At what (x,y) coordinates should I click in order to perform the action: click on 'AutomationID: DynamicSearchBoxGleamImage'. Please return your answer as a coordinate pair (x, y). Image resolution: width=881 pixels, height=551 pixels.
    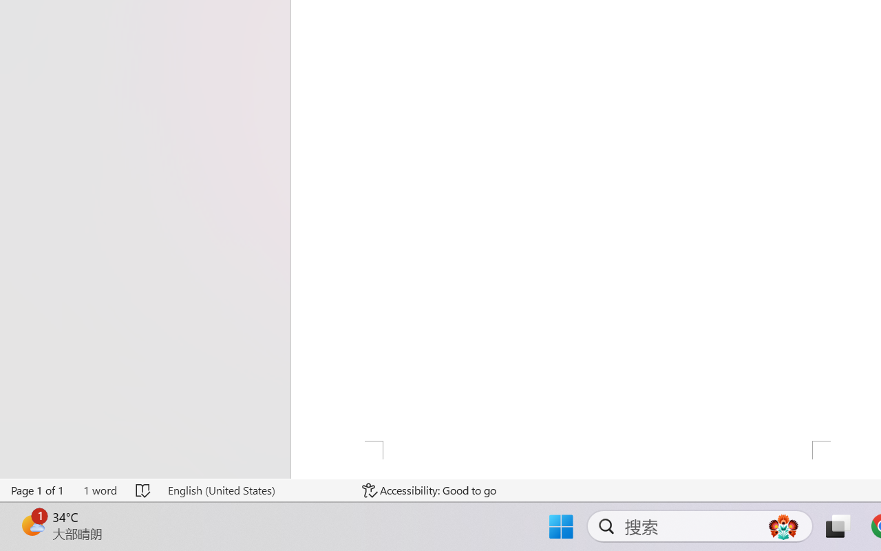
    Looking at the image, I should click on (783, 526).